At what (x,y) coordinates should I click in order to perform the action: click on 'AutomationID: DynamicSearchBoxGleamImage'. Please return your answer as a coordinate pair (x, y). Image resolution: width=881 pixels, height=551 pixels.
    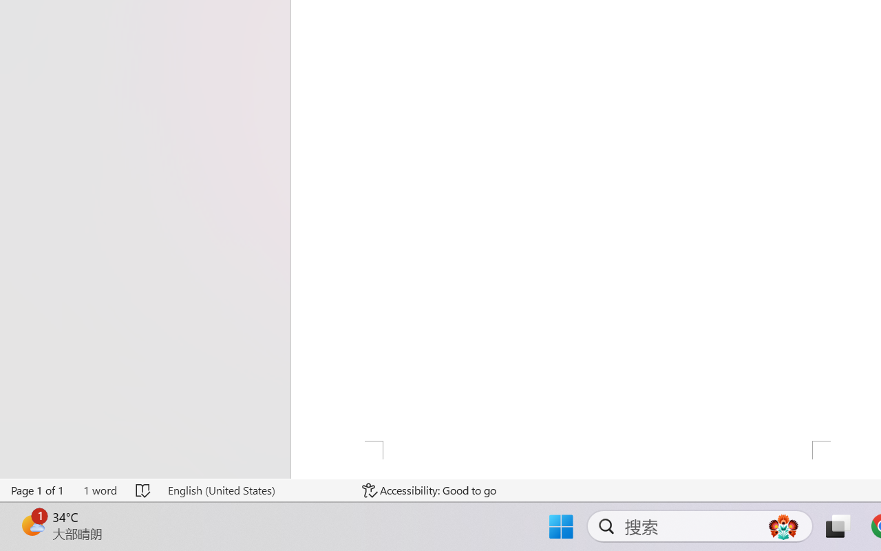
    Looking at the image, I should click on (783, 526).